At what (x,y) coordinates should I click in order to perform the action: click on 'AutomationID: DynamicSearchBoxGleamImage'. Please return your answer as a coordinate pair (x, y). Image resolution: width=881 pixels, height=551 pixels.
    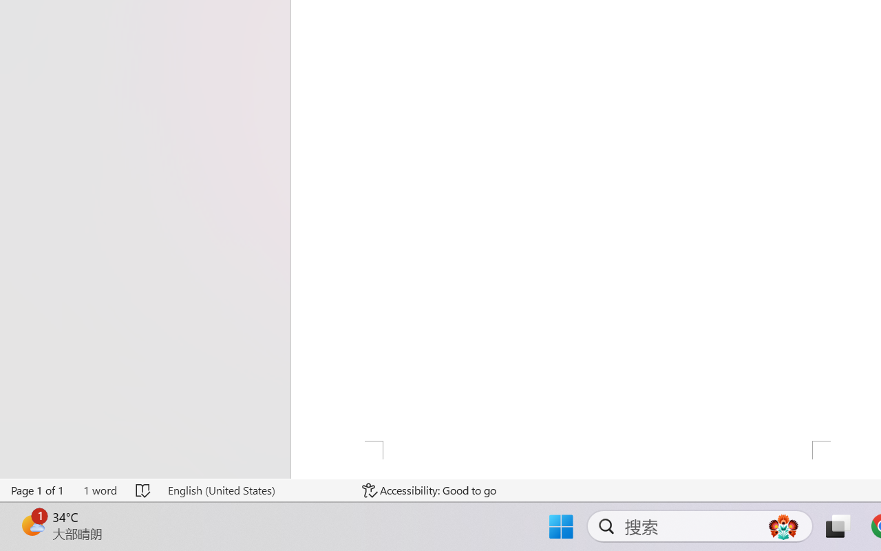
    Looking at the image, I should click on (783, 526).